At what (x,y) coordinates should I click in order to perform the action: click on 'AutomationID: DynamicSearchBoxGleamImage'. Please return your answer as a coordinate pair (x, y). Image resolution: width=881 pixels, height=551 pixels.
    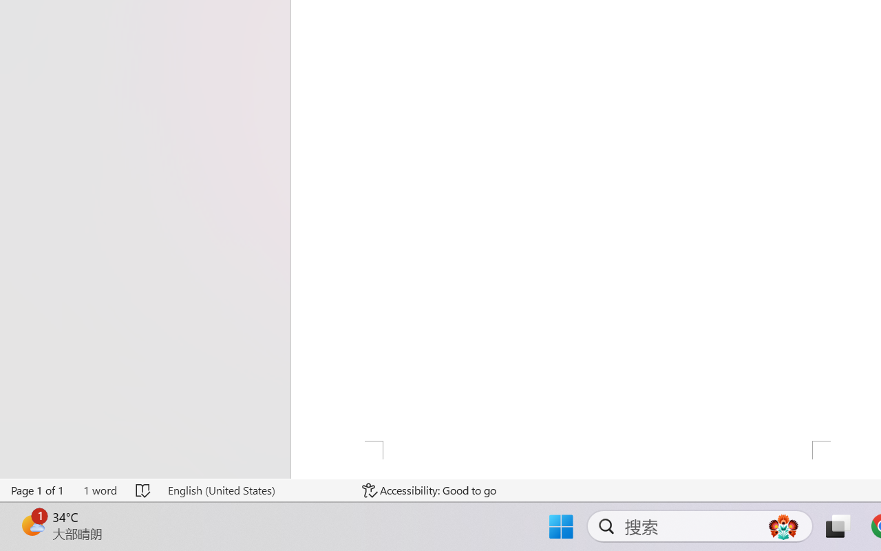
    Looking at the image, I should click on (783, 526).